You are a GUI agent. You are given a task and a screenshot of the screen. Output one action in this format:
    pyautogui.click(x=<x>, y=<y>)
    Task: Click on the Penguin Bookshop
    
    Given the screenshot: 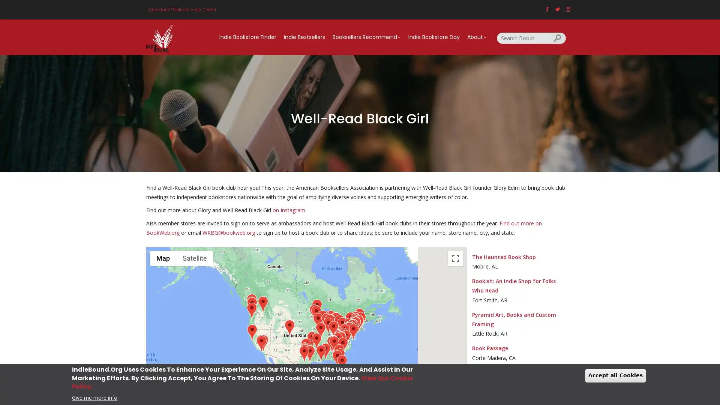 What is the action you would take?
    pyautogui.click(x=342, y=324)
    